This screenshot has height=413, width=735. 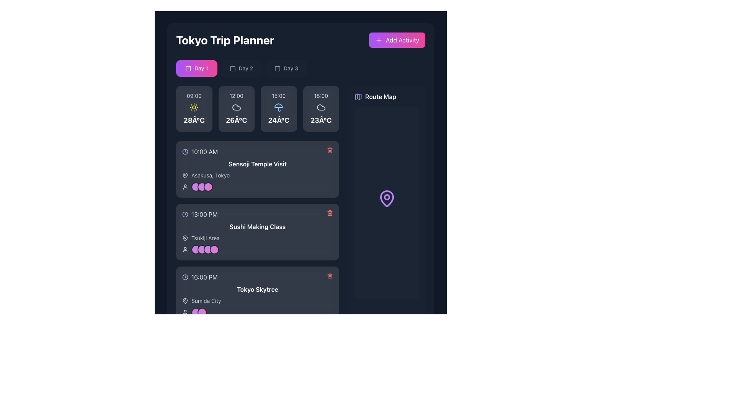 I want to click on the map pin icon located directly to the left of the text 'Sumida City' in the lower part of the interface, so click(x=185, y=300).